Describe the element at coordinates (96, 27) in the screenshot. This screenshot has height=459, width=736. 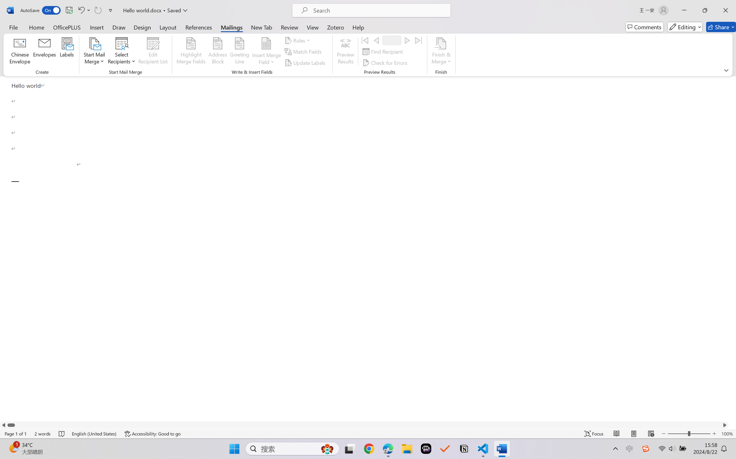
I see `'Insert'` at that location.